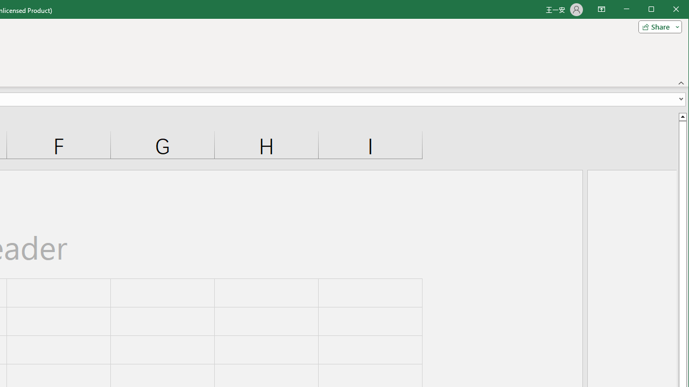  What do you see at coordinates (654, 10) in the screenshot?
I see `'Minimize'` at bounding box center [654, 10].